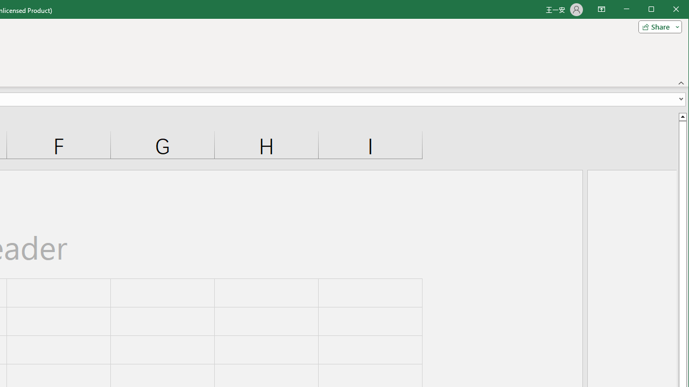  What do you see at coordinates (654, 10) in the screenshot?
I see `'Minimize'` at bounding box center [654, 10].